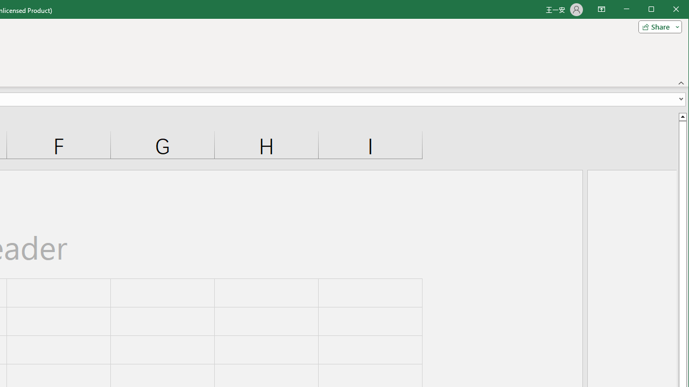  What do you see at coordinates (654, 10) in the screenshot?
I see `'Minimize'` at bounding box center [654, 10].